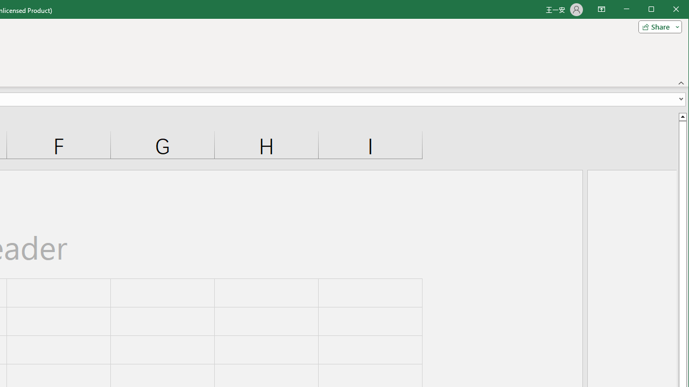  What do you see at coordinates (654, 10) in the screenshot?
I see `'Minimize'` at bounding box center [654, 10].